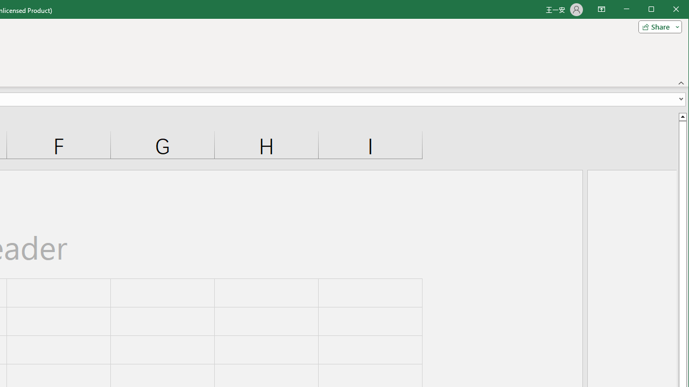  What do you see at coordinates (654, 10) in the screenshot?
I see `'Minimize'` at bounding box center [654, 10].